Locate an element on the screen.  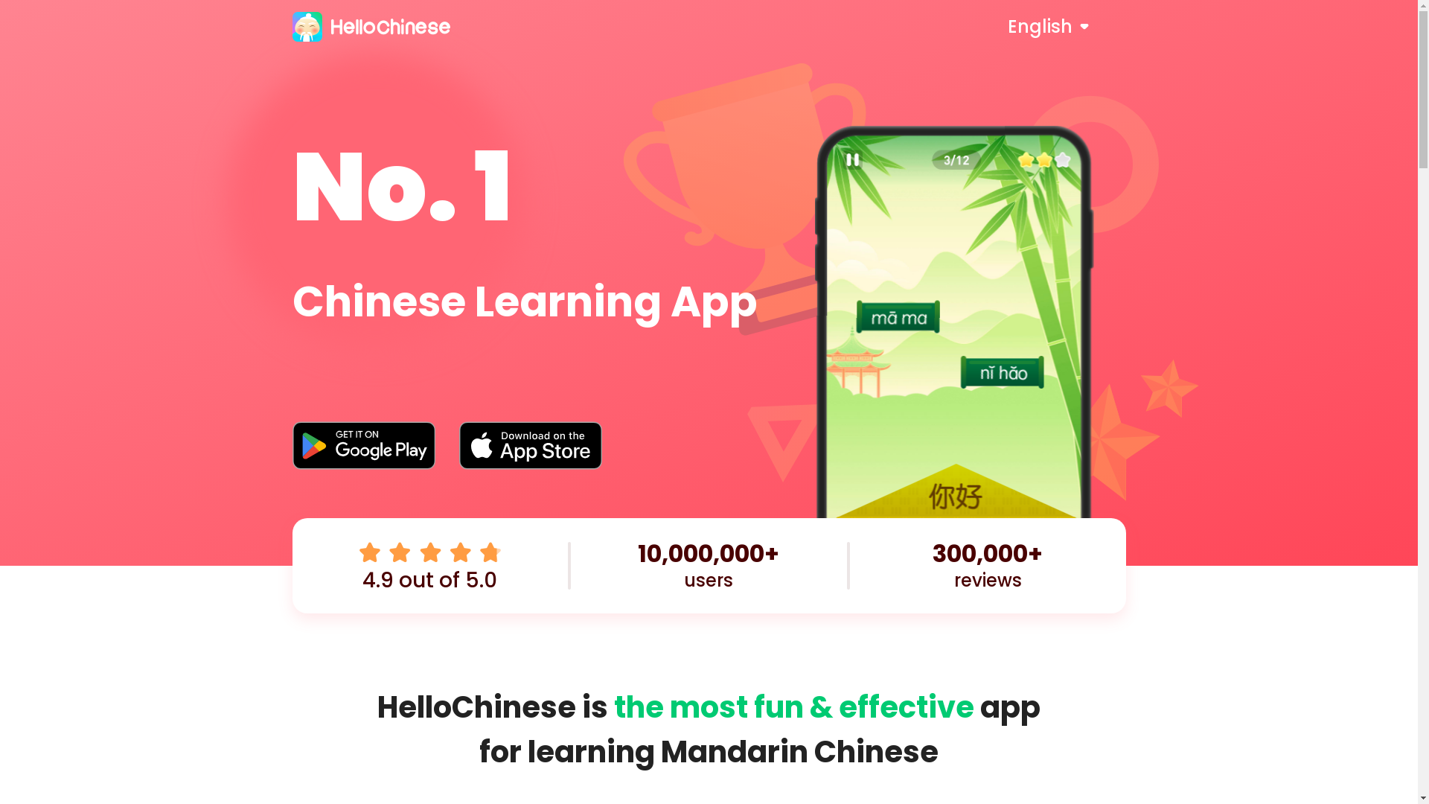
'English' is located at coordinates (1066, 26).